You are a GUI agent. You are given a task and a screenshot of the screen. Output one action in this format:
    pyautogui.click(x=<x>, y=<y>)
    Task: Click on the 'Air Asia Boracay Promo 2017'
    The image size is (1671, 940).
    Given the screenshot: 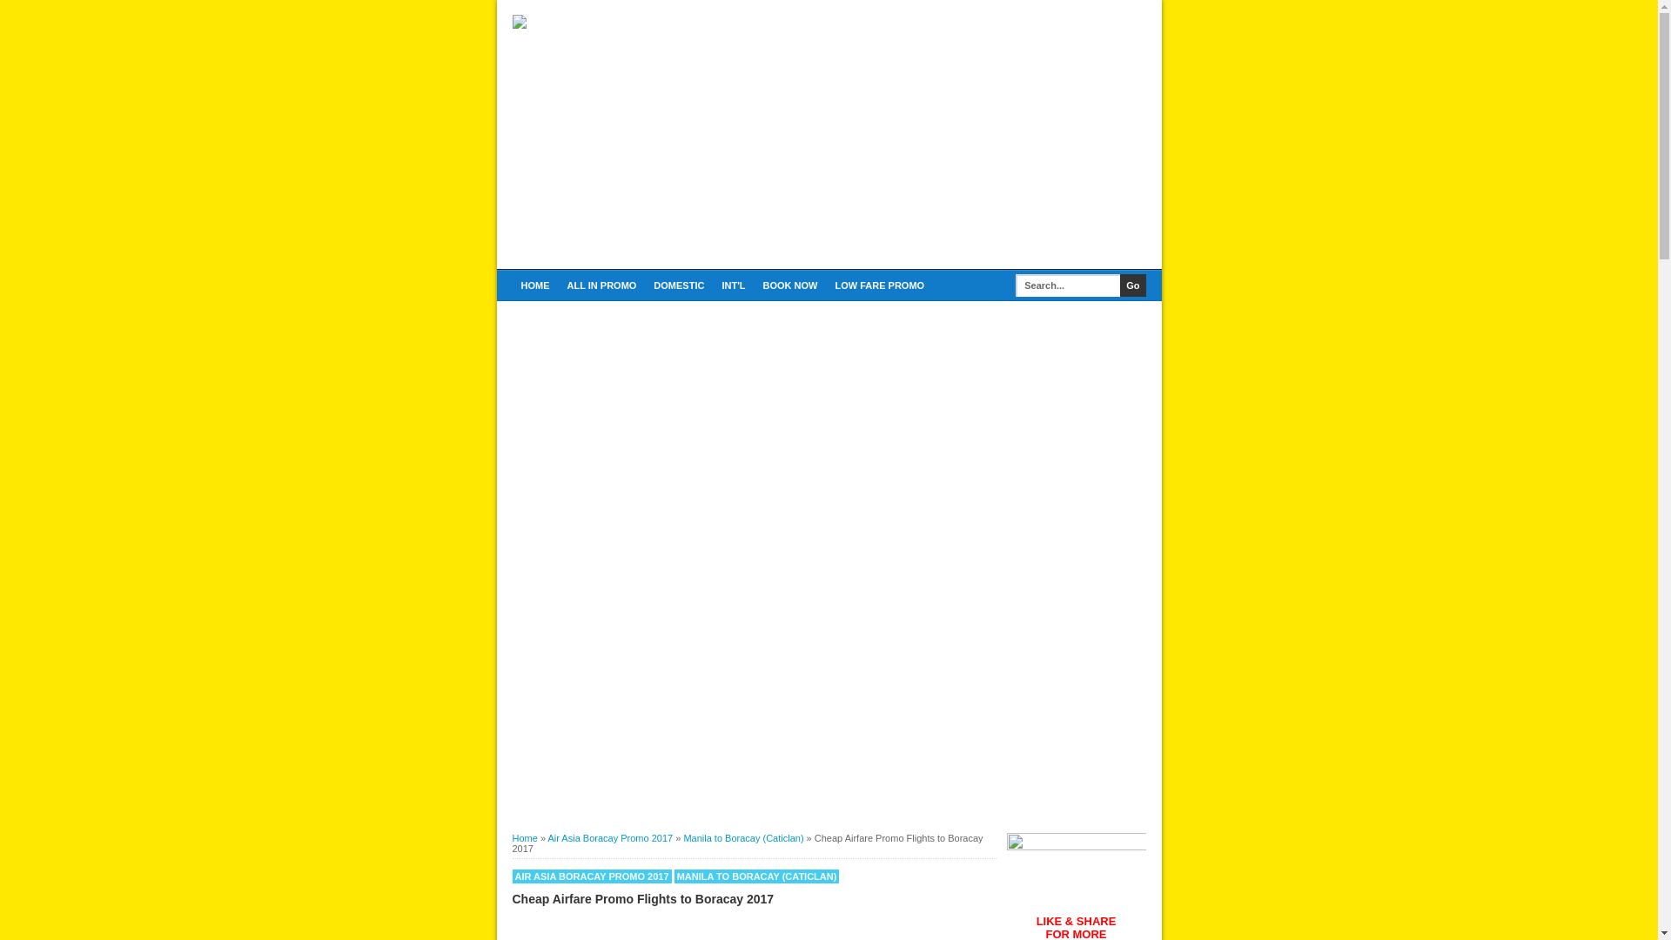 What is the action you would take?
    pyautogui.click(x=609, y=837)
    